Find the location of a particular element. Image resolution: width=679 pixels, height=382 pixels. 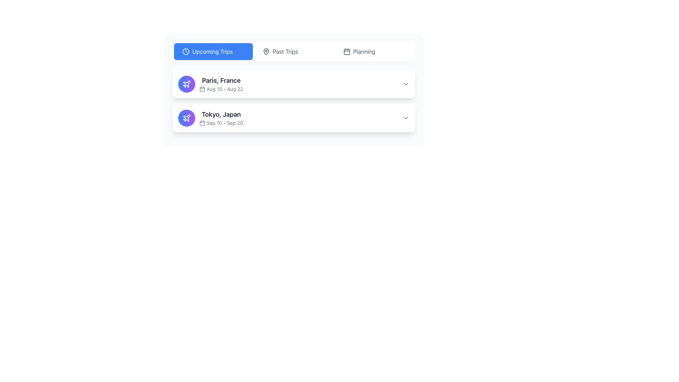

the circular outline element within the clock icon located in the 'Upcoming Trips' tab is located at coordinates (186, 51).